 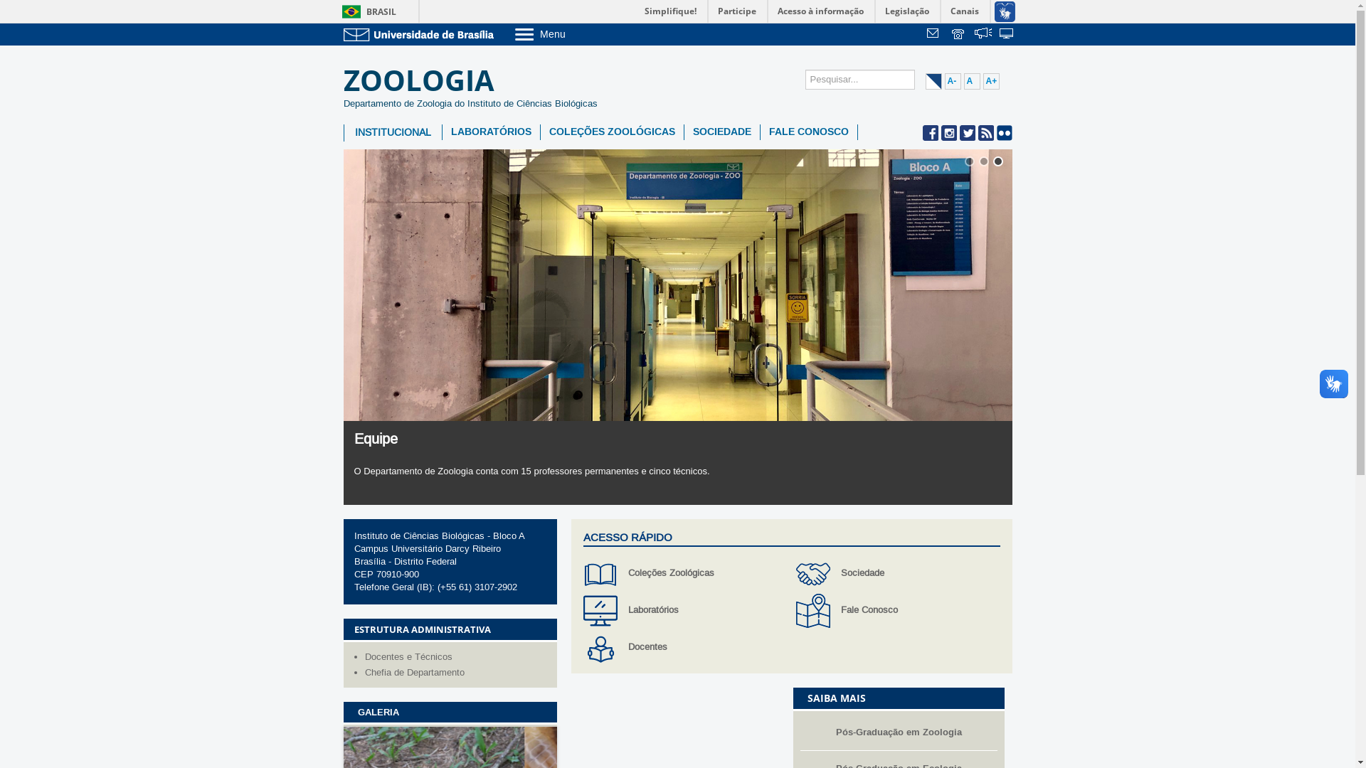 What do you see at coordinates (685, 647) in the screenshot?
I see `'Docentes'` at bounding box center [685, 647].